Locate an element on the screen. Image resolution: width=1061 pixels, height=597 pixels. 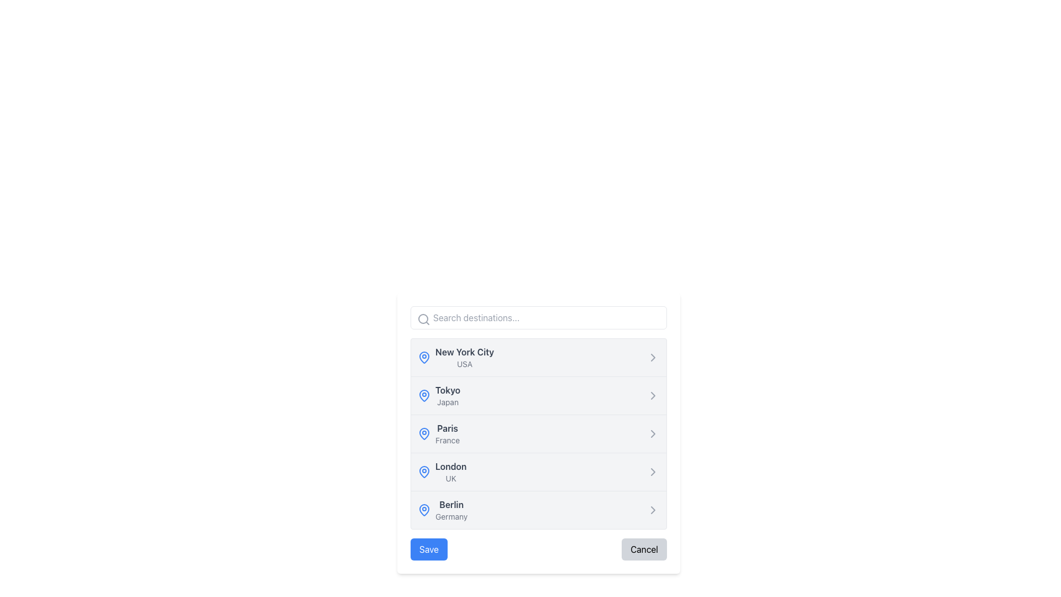
the graphical representation of the location pin icon for 'London UK' in the fourth item of the vertical list is located at coordinates (424, 471).